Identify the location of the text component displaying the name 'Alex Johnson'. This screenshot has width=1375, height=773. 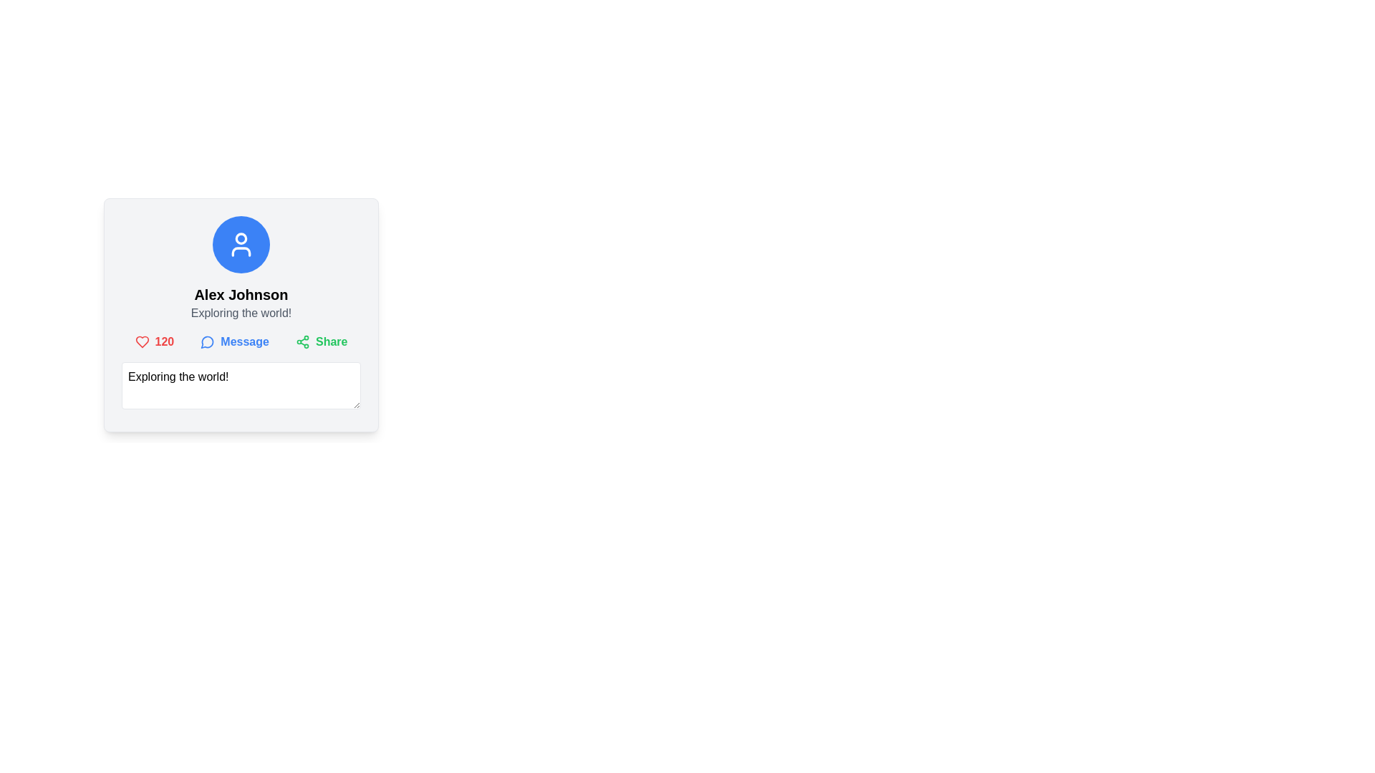
(241, 294).